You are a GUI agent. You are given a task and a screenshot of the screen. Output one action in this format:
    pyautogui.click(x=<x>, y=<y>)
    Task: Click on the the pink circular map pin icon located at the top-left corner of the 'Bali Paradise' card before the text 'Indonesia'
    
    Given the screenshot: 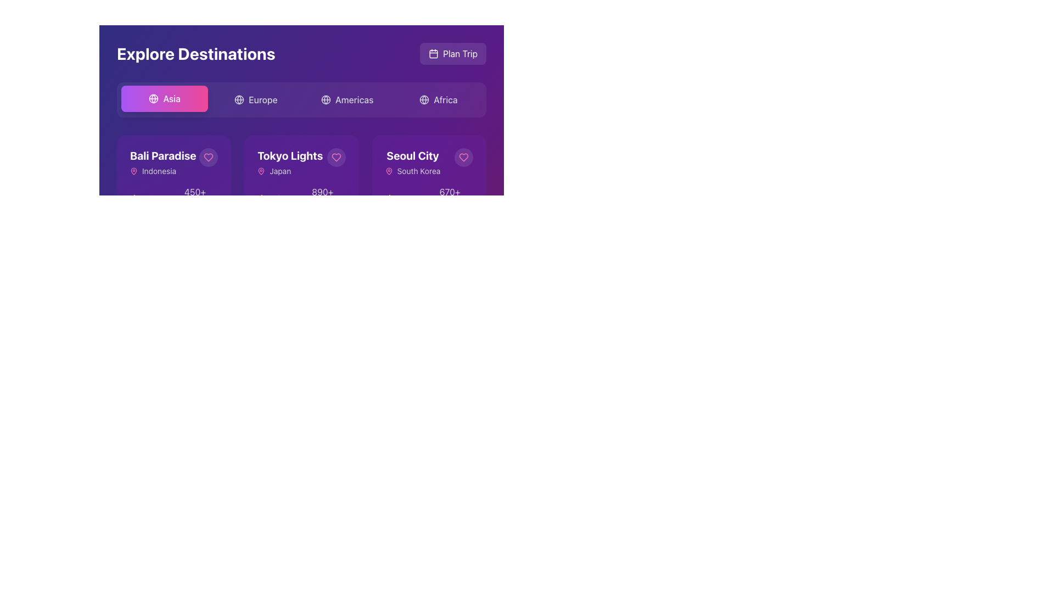 What is the action you would take?
    pyautogui.click(x=133, y=171)
    